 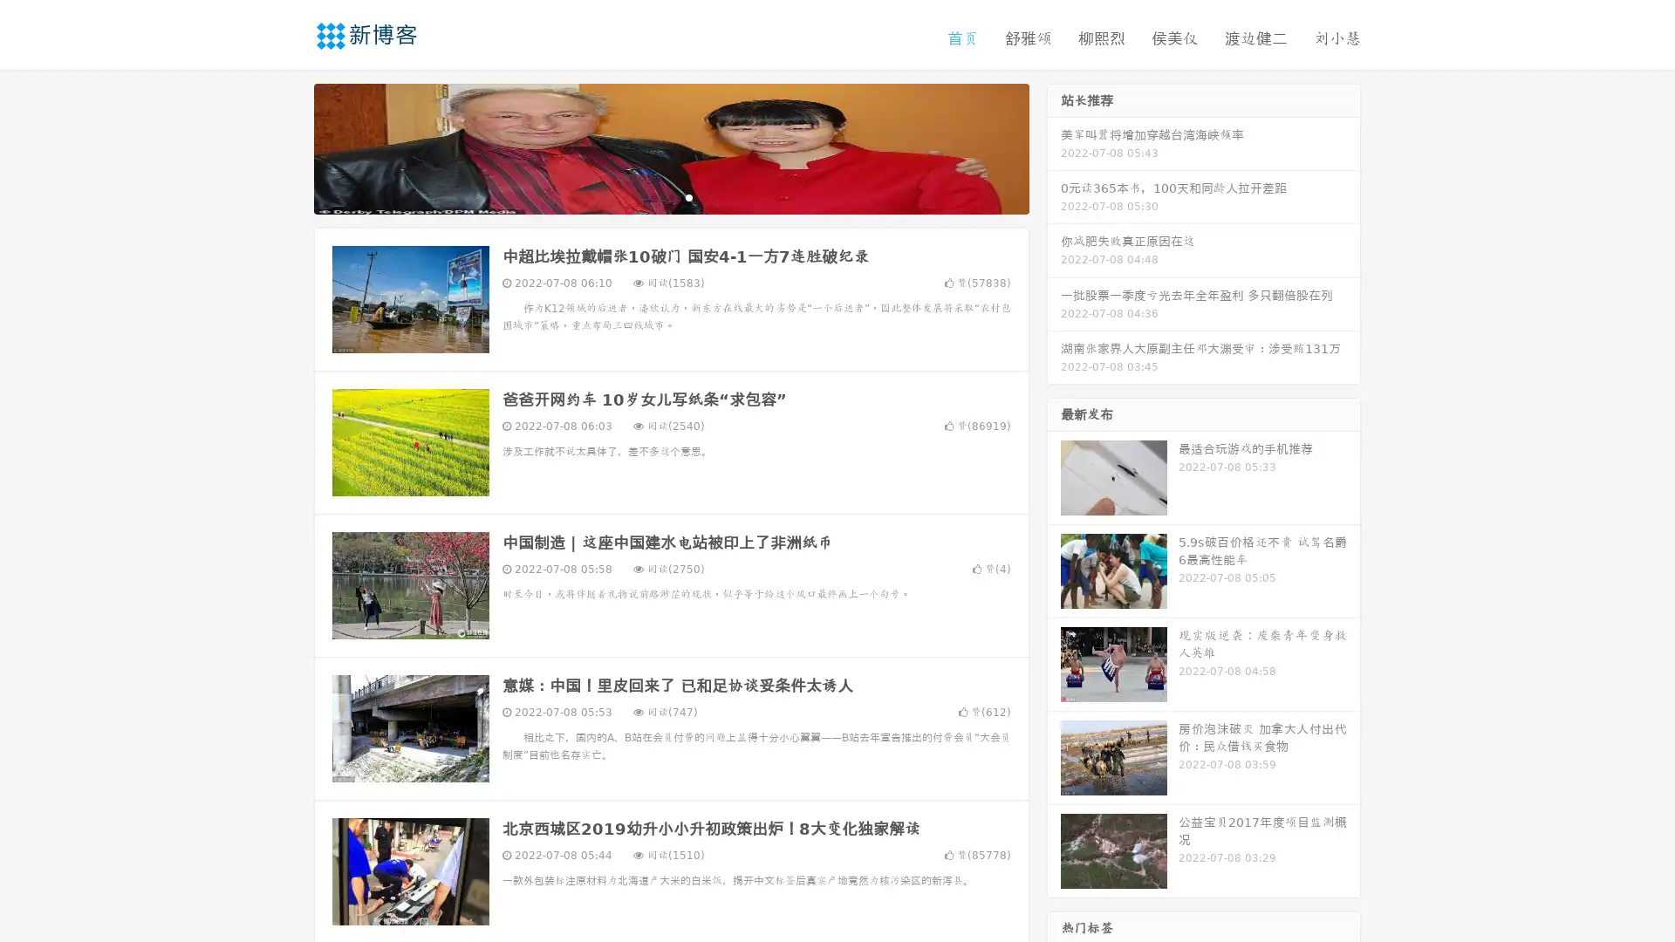 I want to click on Go to slide 2, so click(x=670, y=196).